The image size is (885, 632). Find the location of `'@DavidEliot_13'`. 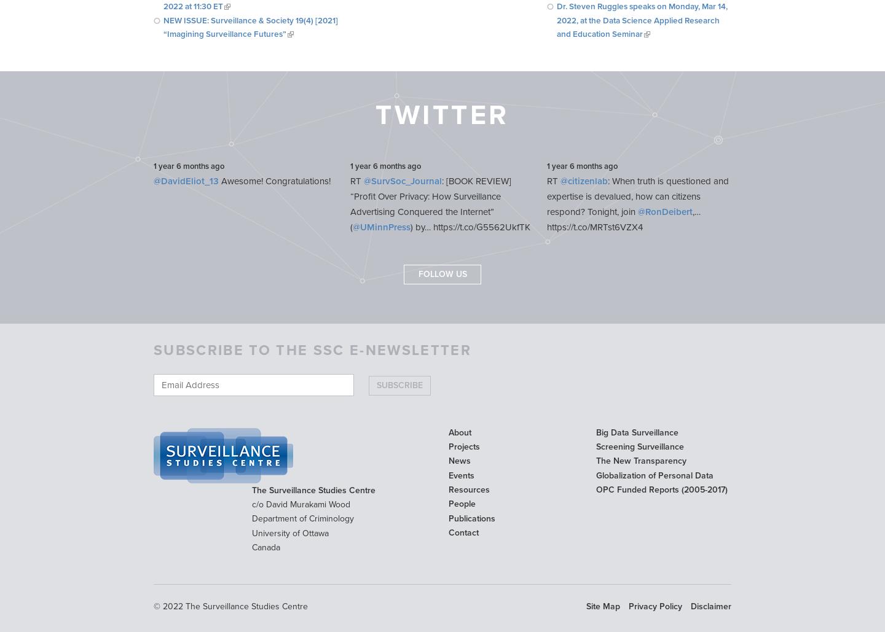

'@DavidEliot_13' is located at coordinates (186, 181).